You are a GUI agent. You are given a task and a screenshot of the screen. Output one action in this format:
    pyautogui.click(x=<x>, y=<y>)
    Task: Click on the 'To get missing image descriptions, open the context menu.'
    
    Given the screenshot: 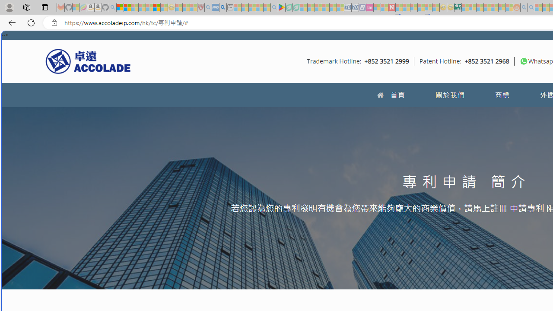 What is the action you would take?
    pyautogui.click(x=523, y=60)
    